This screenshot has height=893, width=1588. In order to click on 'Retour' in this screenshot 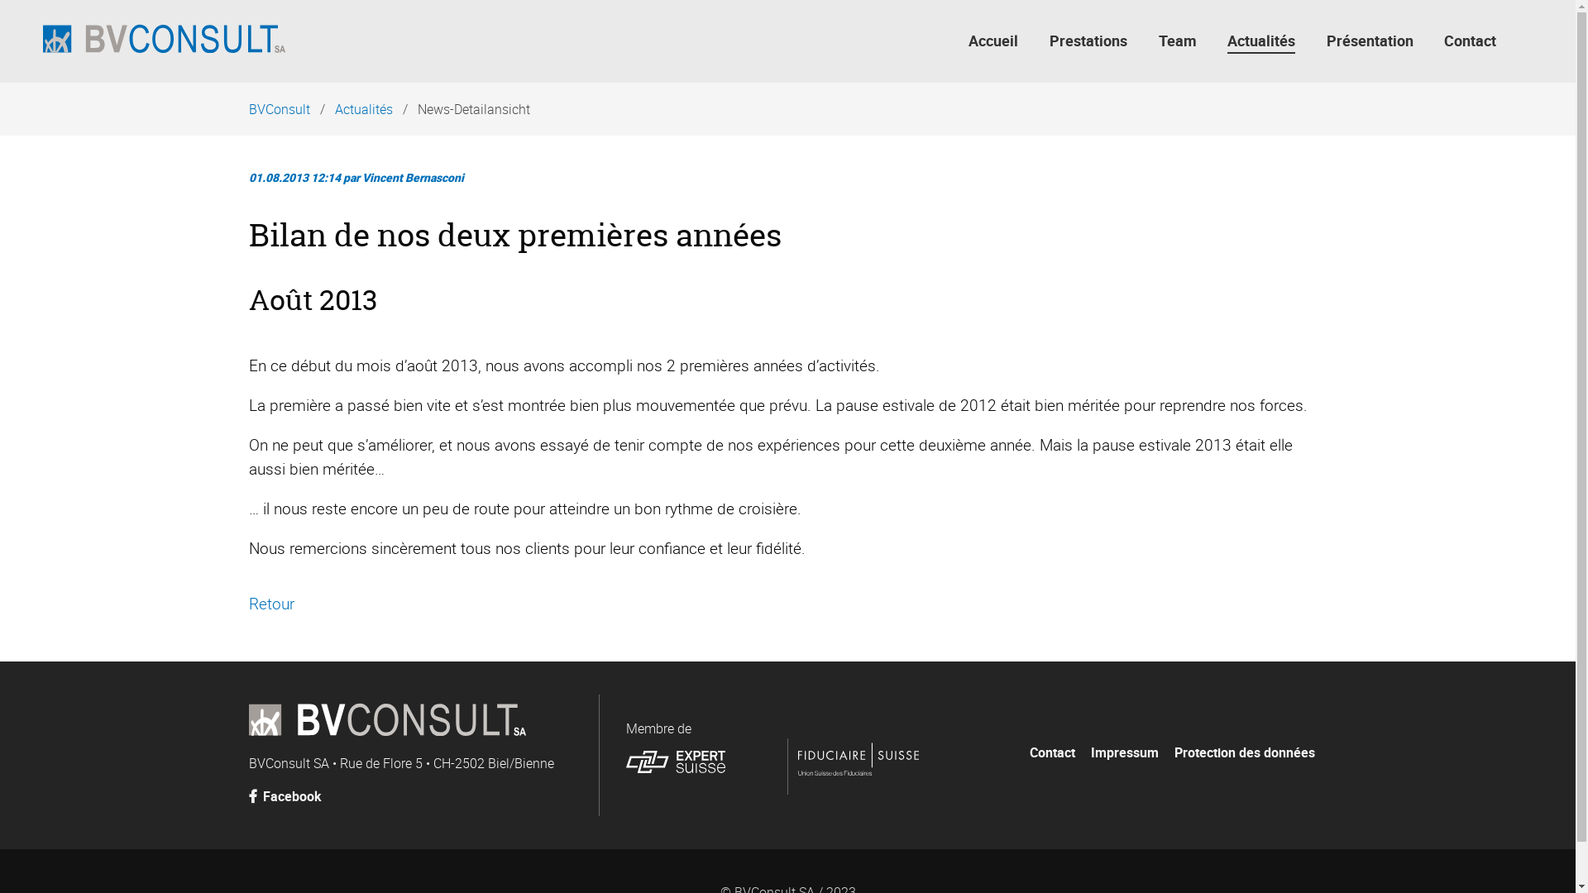, I will do `click(270, 603)`.